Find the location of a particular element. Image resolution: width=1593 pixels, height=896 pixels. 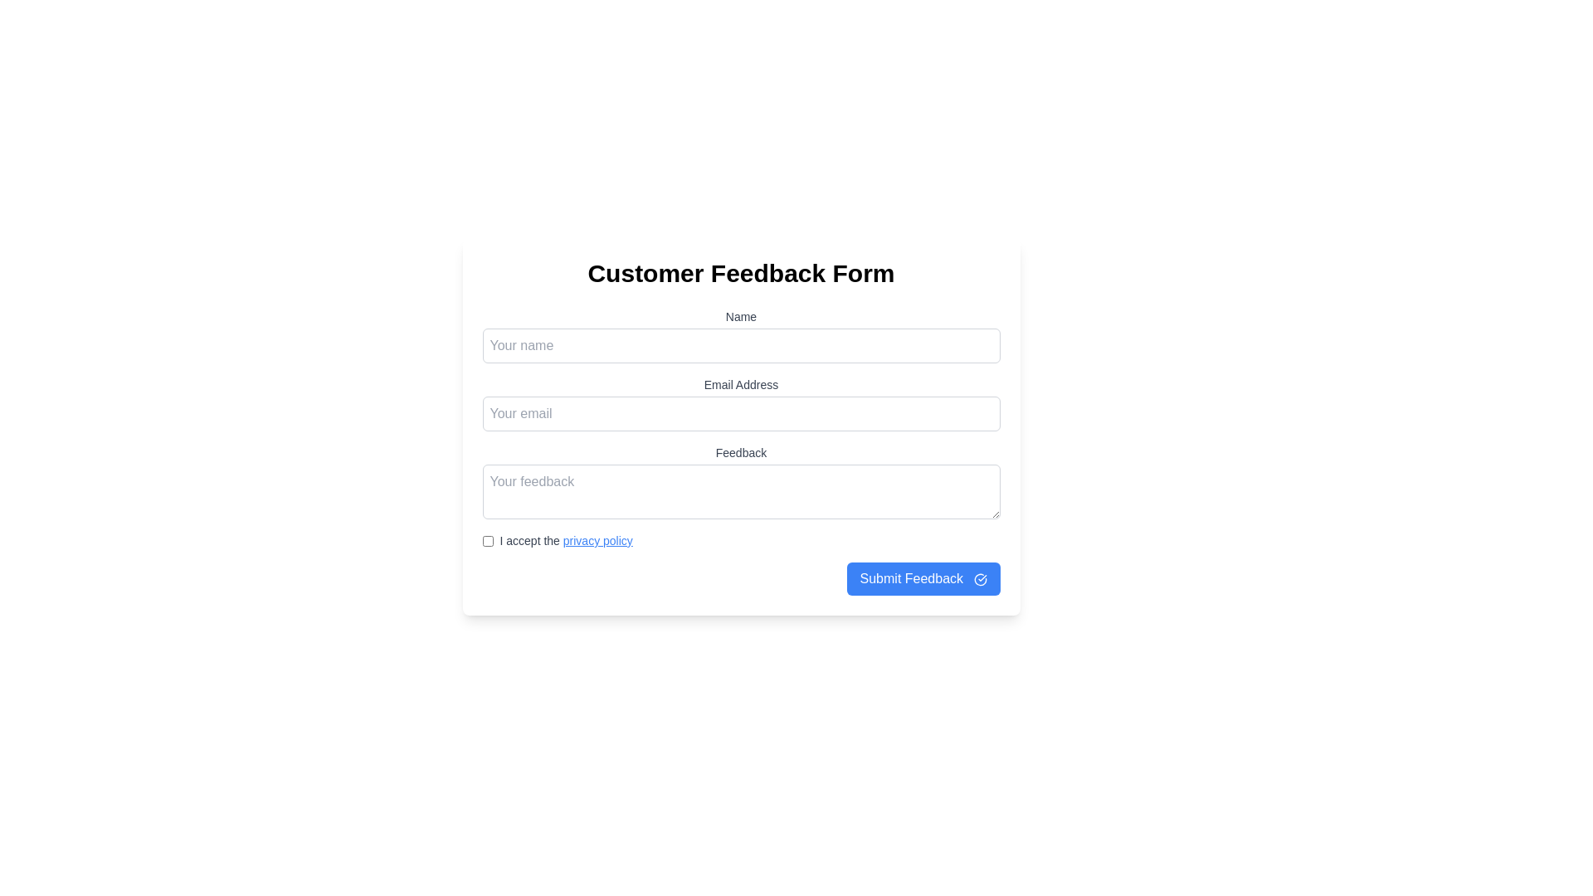

the textual hyperlink styled with a blue font and underlined that contains the text 'privacy policy' is located at coordinates (597, 540).